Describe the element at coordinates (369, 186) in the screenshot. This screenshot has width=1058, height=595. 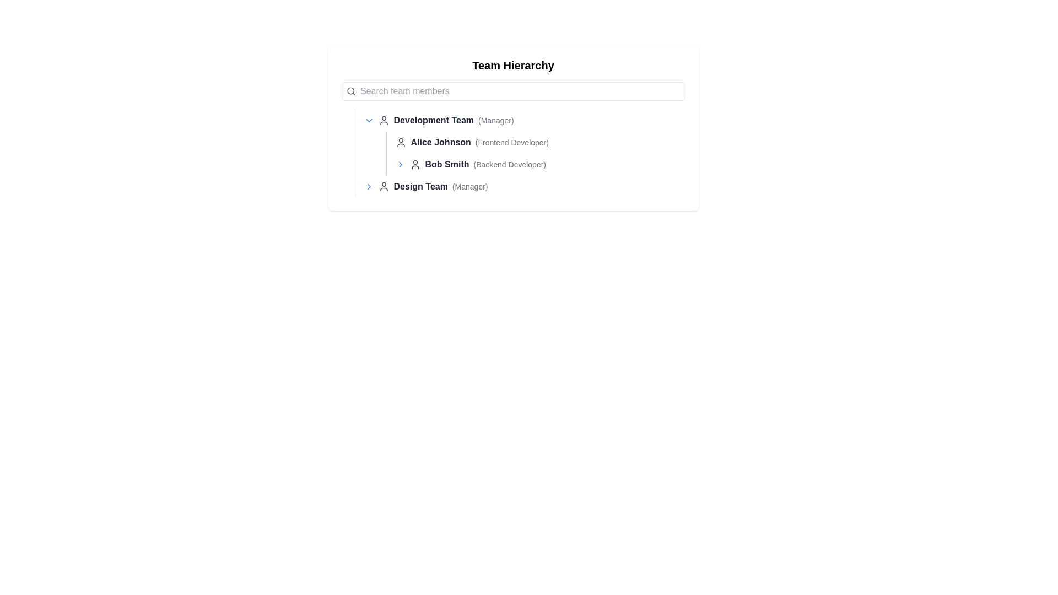
I see `the Chevron icon located at the leftmost edge of the hierarchical view to trigger a tooltip` at that location.